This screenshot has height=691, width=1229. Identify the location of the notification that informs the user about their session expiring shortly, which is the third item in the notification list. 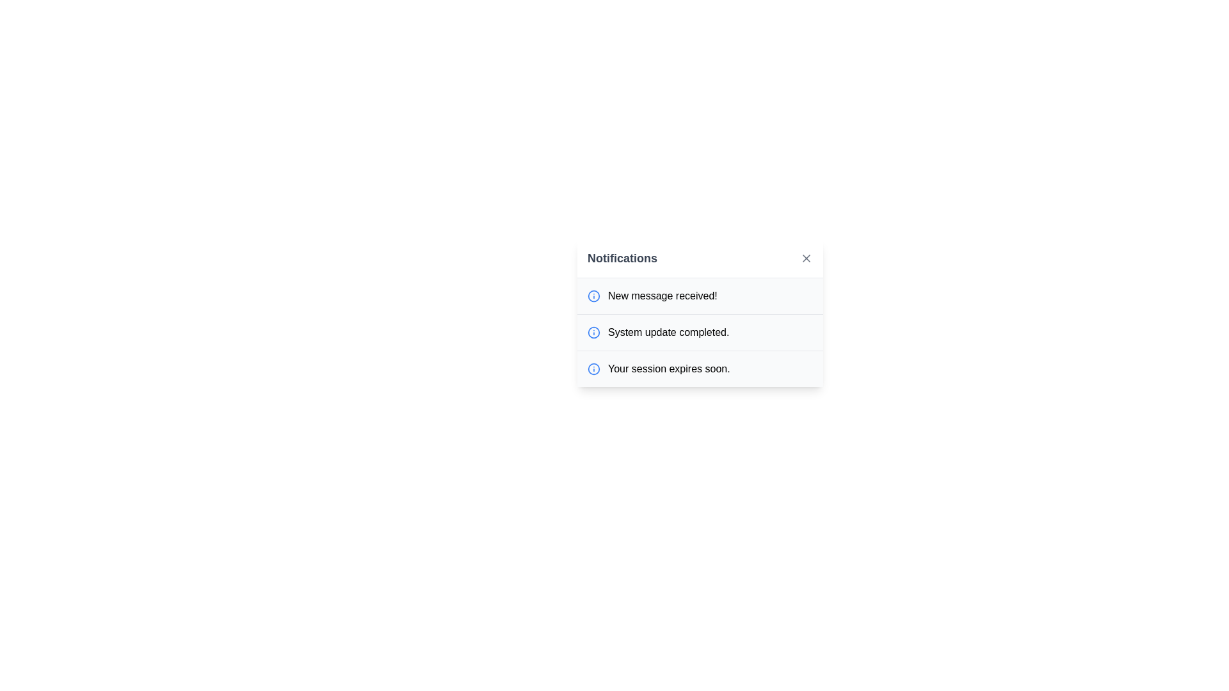
(658, 369).